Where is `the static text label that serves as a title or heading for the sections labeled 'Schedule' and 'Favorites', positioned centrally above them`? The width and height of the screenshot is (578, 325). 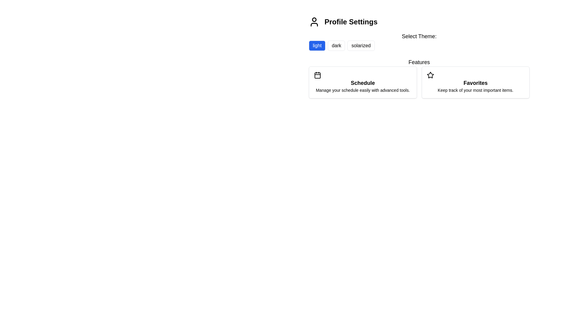 the static text label that serves as a title or heading for the sections labeled 'Schedule' and 'Favorites', positioned centrally above them is located at coordinates (419, 62).